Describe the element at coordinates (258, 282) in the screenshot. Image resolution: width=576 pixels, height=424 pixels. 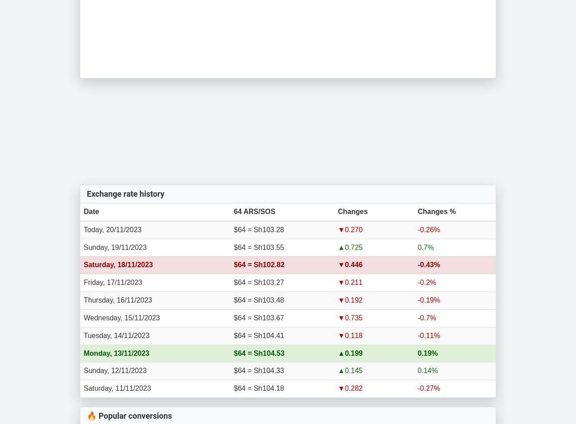
I see `'$64 = Sh103.27'` at that location.